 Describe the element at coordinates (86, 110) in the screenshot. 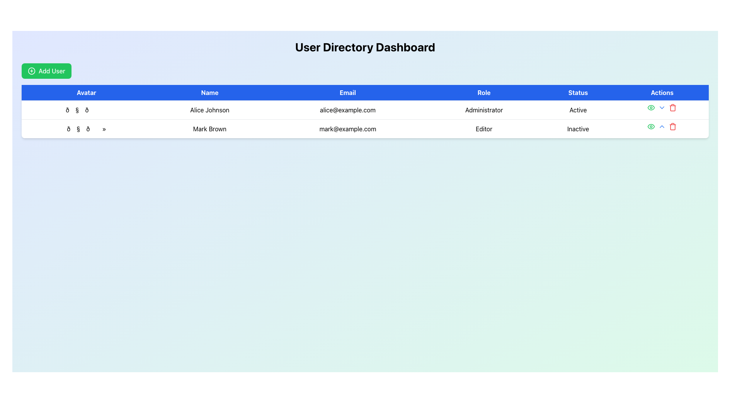

I see `the user's avatar icon in the first row of the user table, located in the 'Avatar' column next to 'Alice Johnson.'` at that location.